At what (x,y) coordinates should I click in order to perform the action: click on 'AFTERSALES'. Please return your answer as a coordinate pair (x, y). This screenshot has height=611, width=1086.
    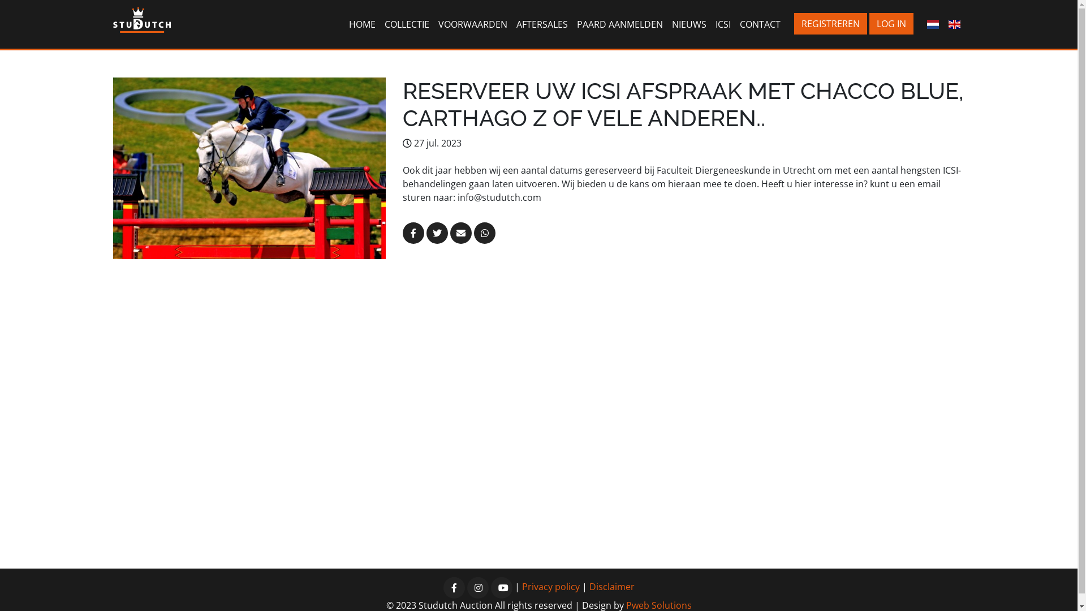
    Looking at the image, I should click on (541, 24).